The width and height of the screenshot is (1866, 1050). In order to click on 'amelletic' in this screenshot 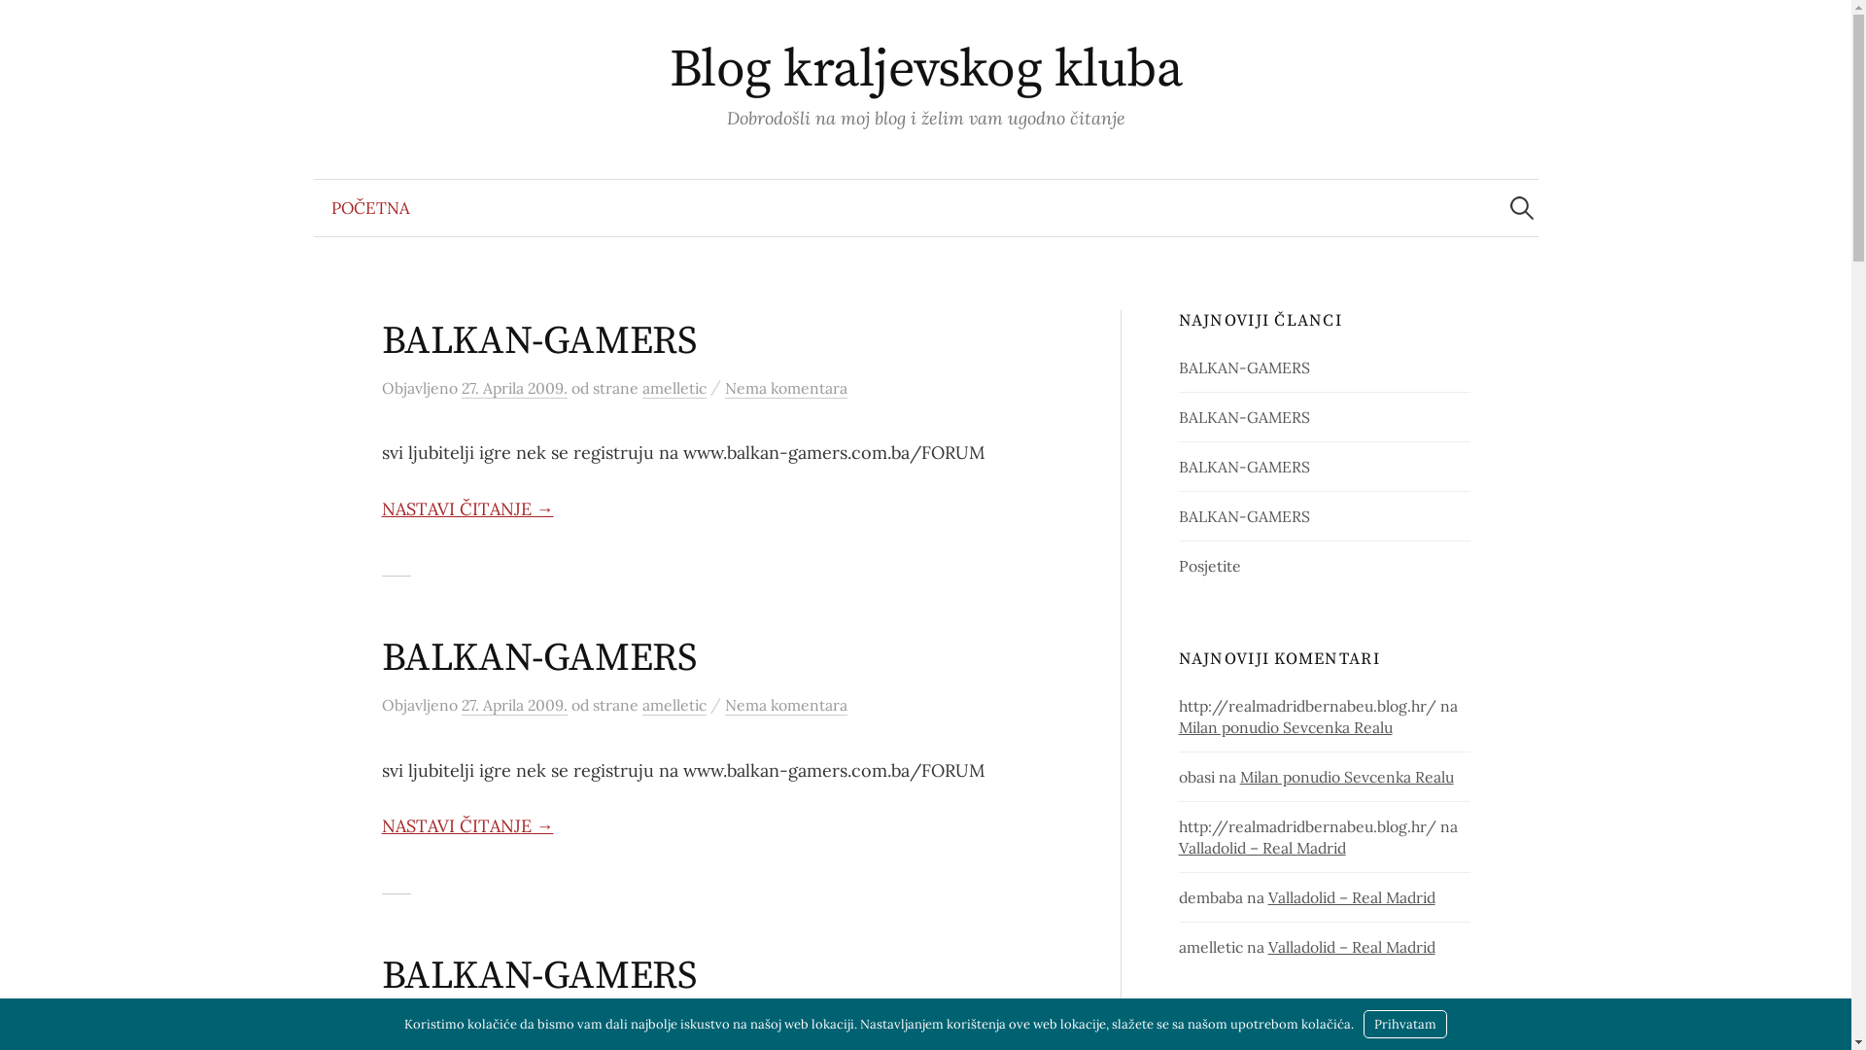, I will do `click(641, 388)`.